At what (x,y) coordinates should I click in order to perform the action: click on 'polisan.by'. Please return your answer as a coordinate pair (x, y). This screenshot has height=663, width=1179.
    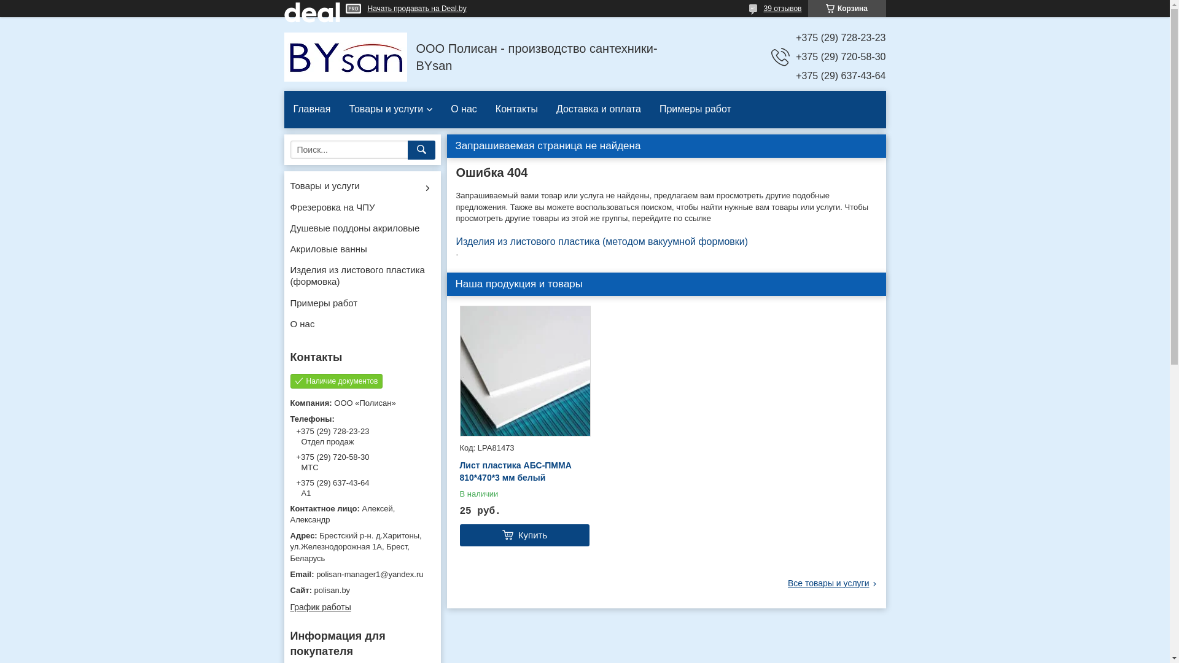
    Looking at the image, I should click on (361, 589).